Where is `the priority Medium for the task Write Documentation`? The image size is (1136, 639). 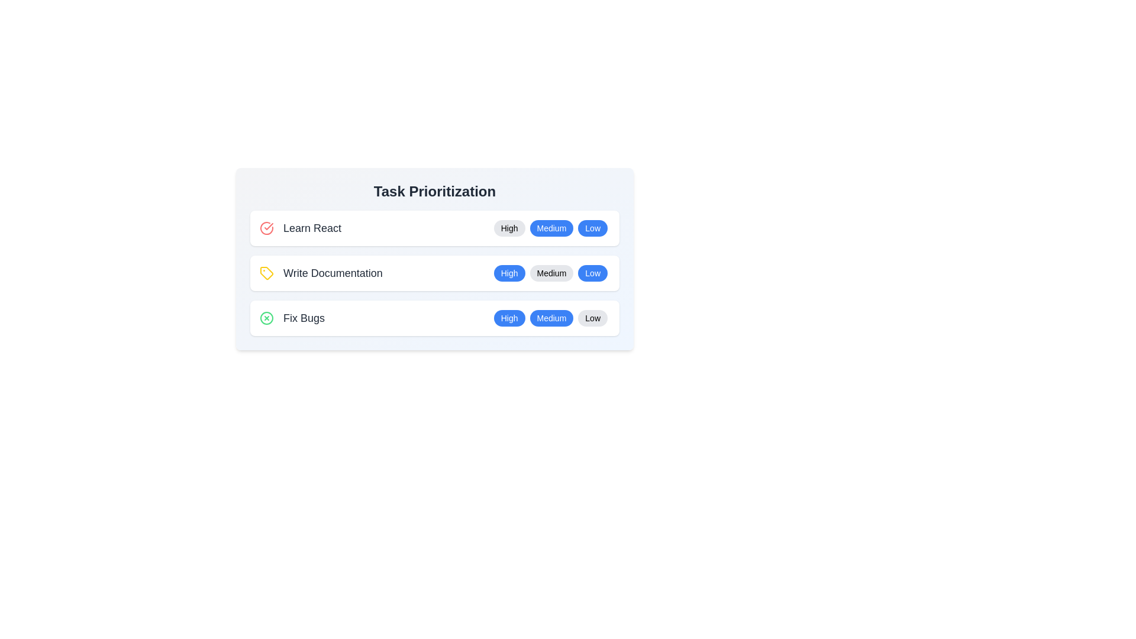
the priority Medium for the task Write Documentation is located at coordinates (550, 273).